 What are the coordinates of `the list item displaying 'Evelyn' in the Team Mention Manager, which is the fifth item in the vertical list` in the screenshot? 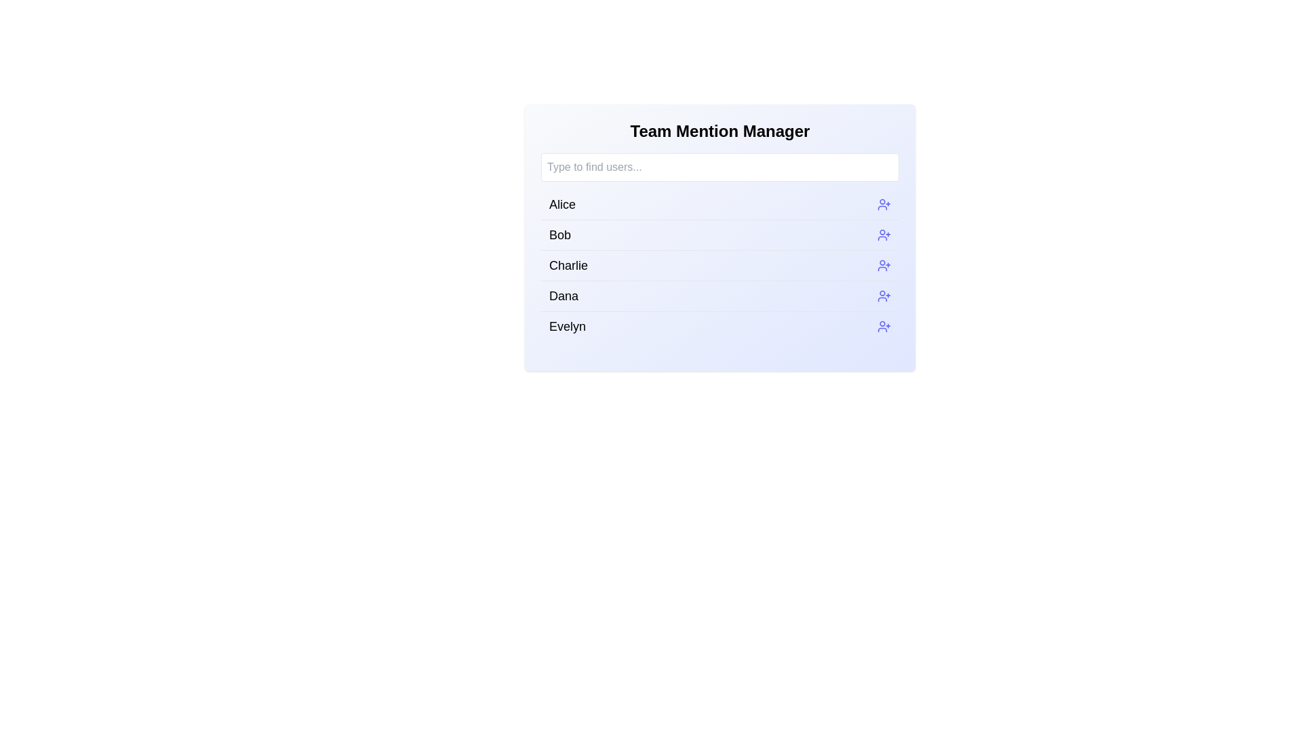 It's located at (719, 326).